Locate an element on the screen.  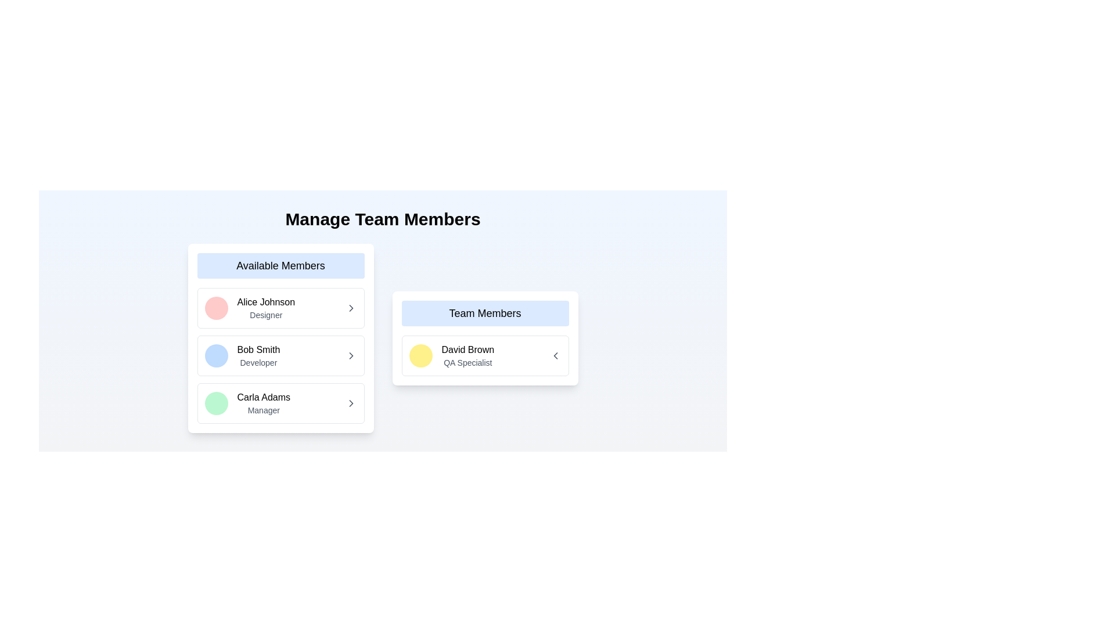
the second user profile card in the 'Available Members' column, which displays 'Bob Smith' and 'Developer' on the right side of a blue profile icon is located at coordinates (242, 355).